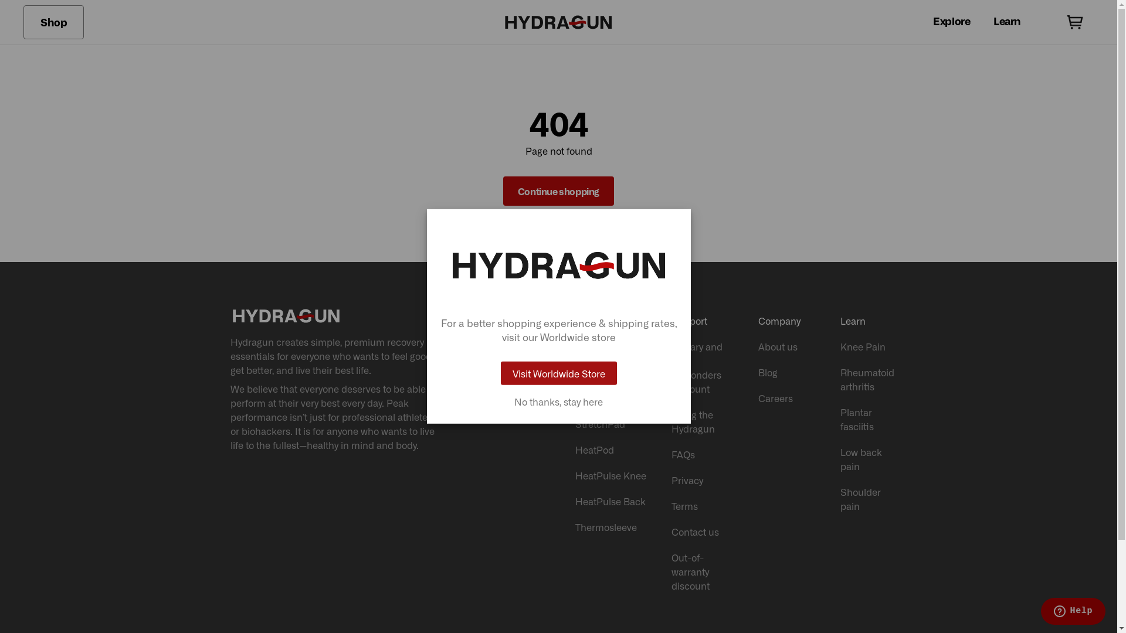  What do you see at coordinates (670, 505) in the screenshot?
I see `'Terms'` at bounding box center [670, 505].